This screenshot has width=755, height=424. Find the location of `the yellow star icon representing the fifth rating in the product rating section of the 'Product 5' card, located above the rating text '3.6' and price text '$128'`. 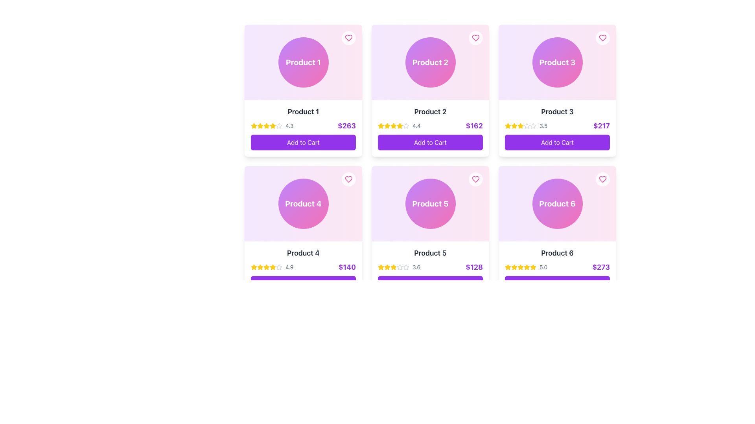

the yellow star icon representing the fifth rating in the product rating section of the 'Product 5' card, located above the rating text '3.6' and price text '$128' is located at coordinates (394, 267).